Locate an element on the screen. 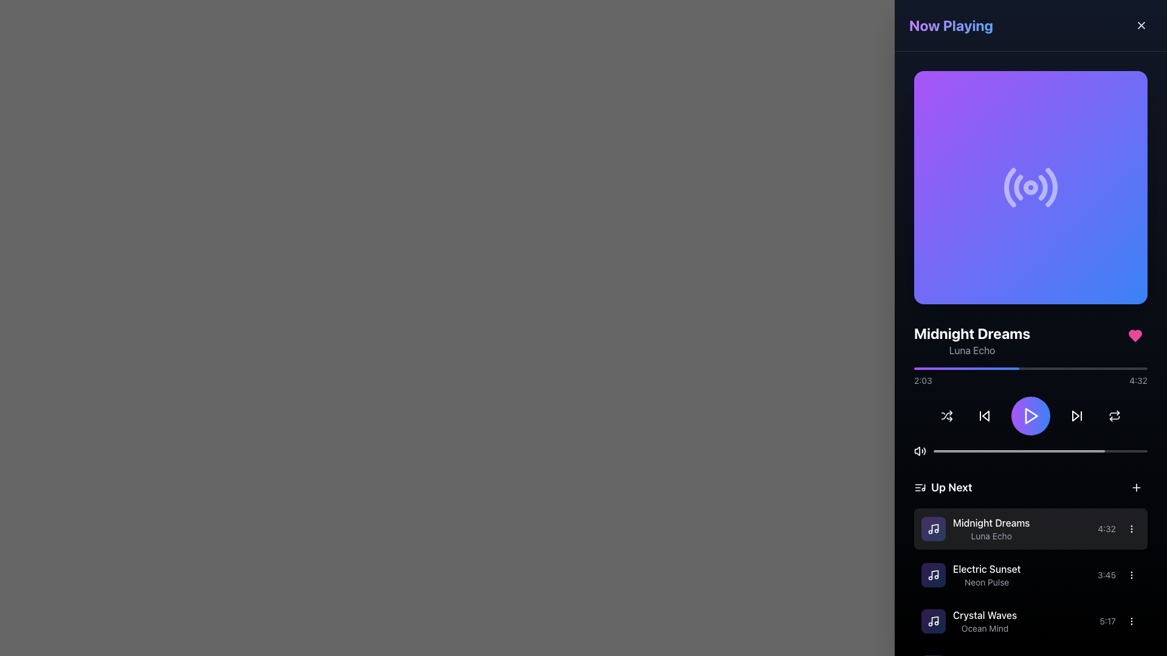 This screenshot has height=656, width=1167. the text label 'Luna Echo', which is a small gray text label positioned below the bold title 'Midnight Dreams' in the music playlist is located at coordinates (991, 536).